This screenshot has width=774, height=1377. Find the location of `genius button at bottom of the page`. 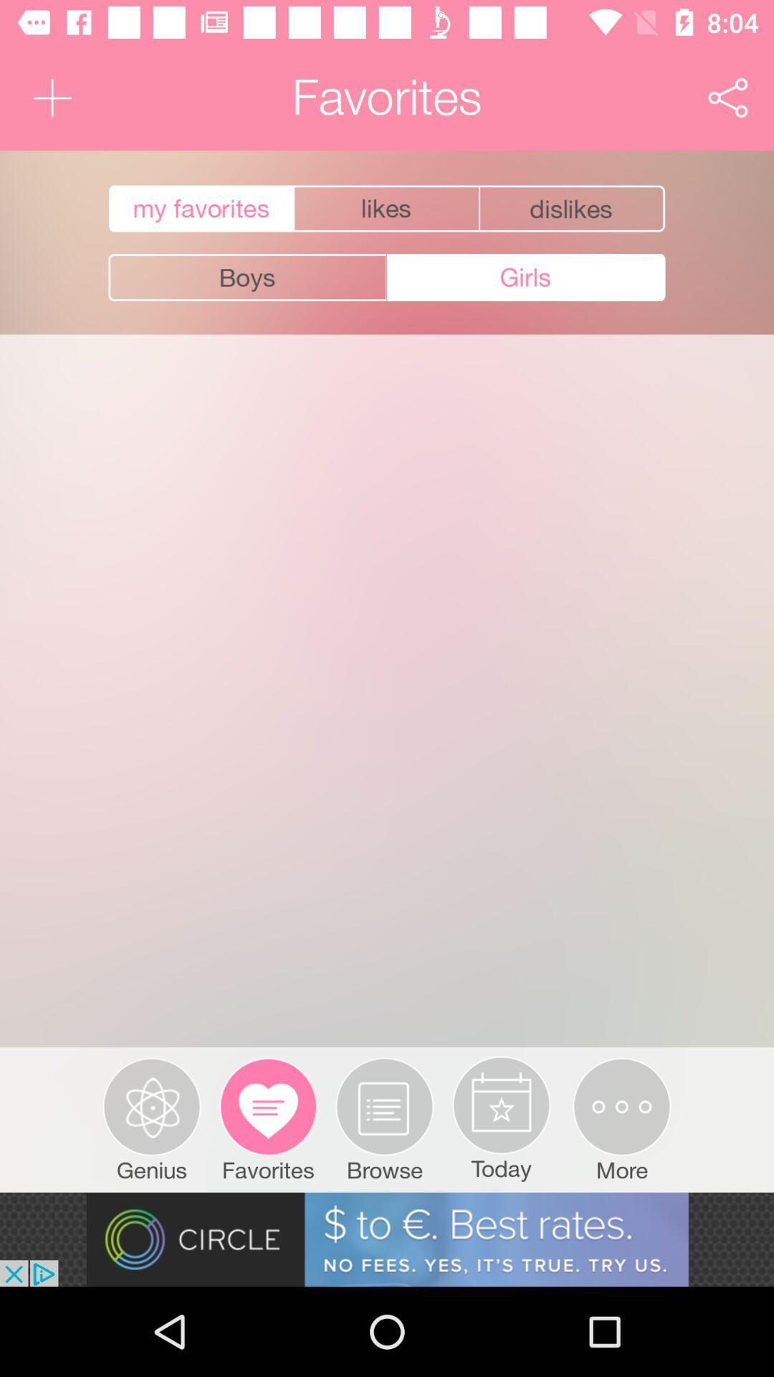

genius button at bottom of the page is located at coordinates (152, 1119).